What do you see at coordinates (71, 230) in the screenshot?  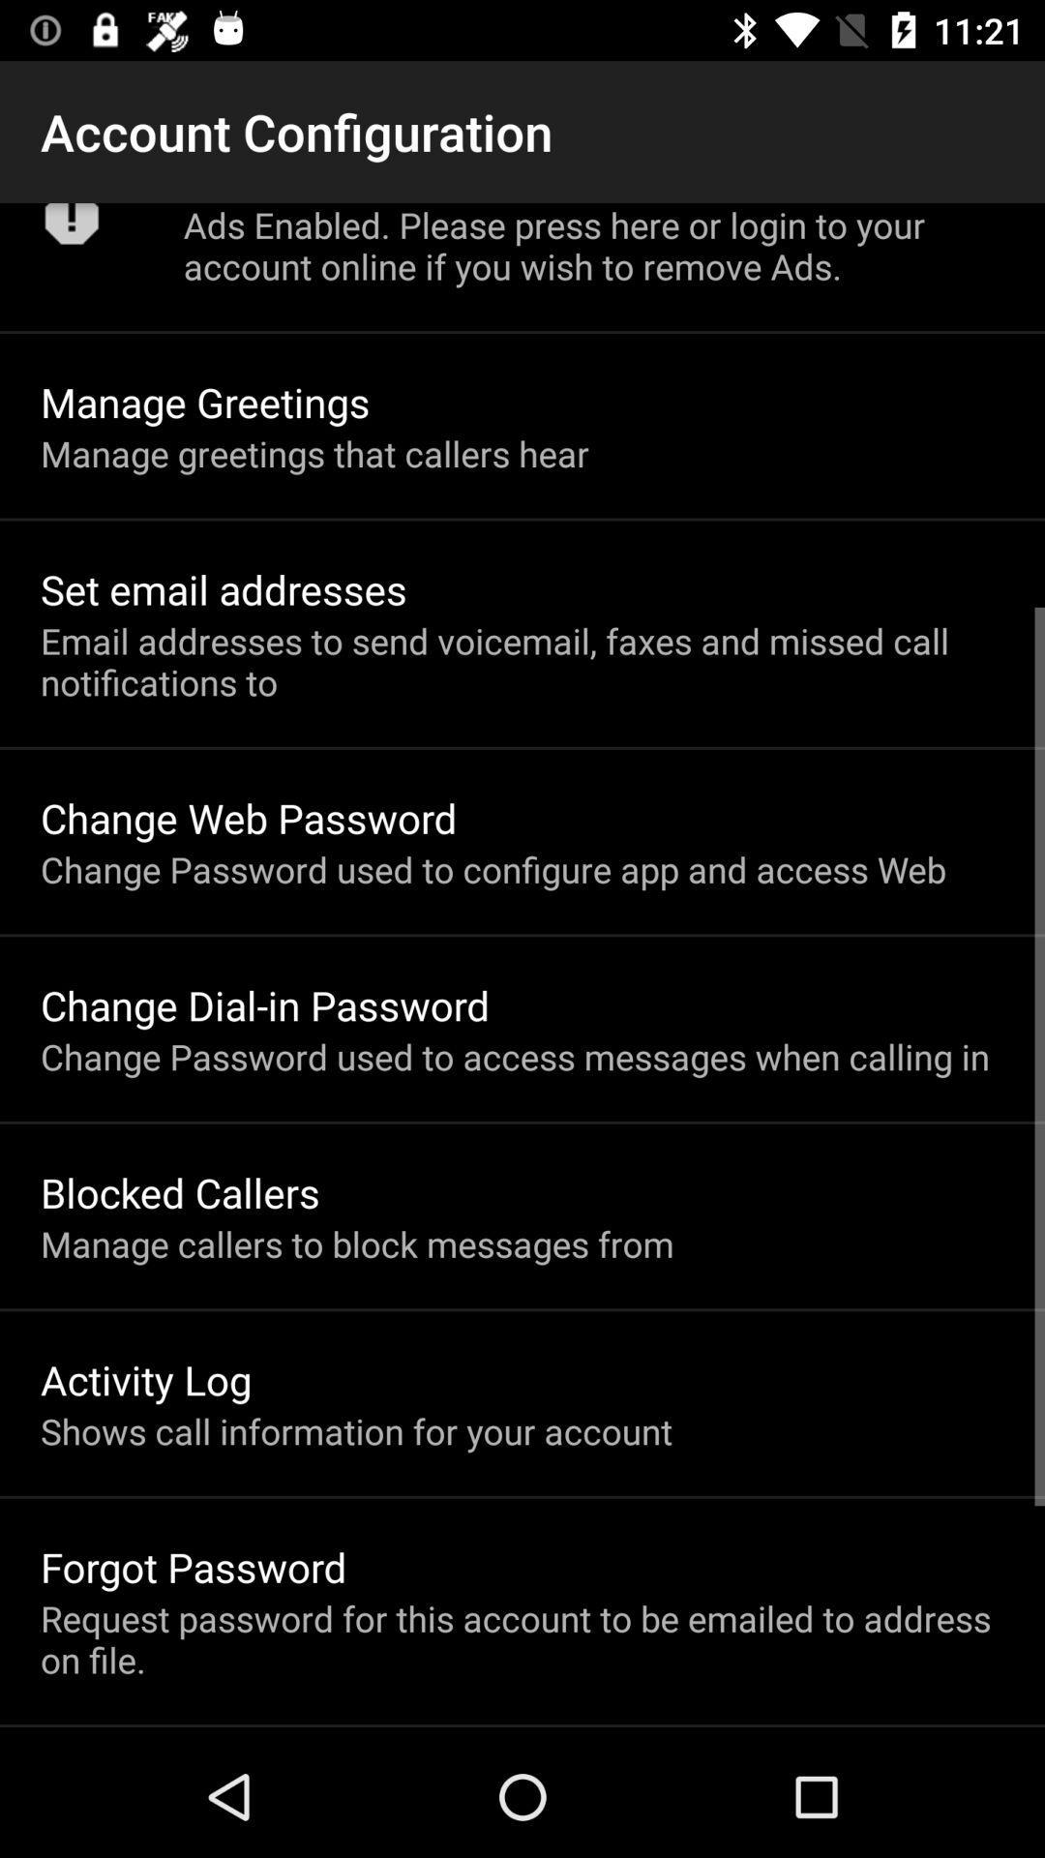 I see `app below the account configuration` at bounding box center [71, 230].